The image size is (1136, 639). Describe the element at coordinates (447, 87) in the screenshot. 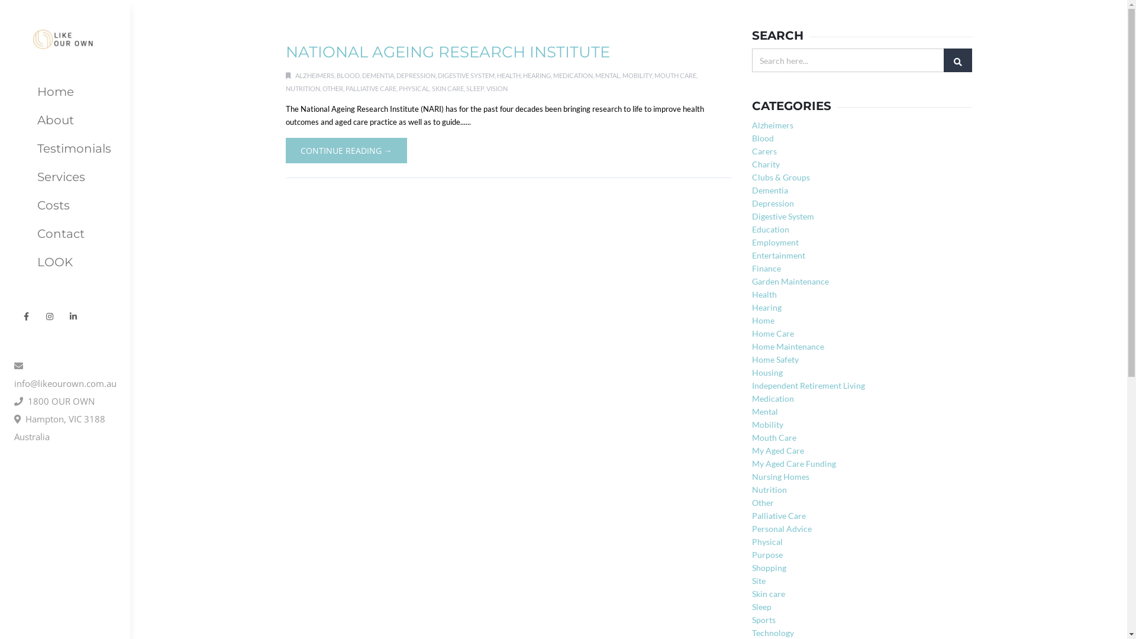

I see `'SKIN CARE'` at that location.